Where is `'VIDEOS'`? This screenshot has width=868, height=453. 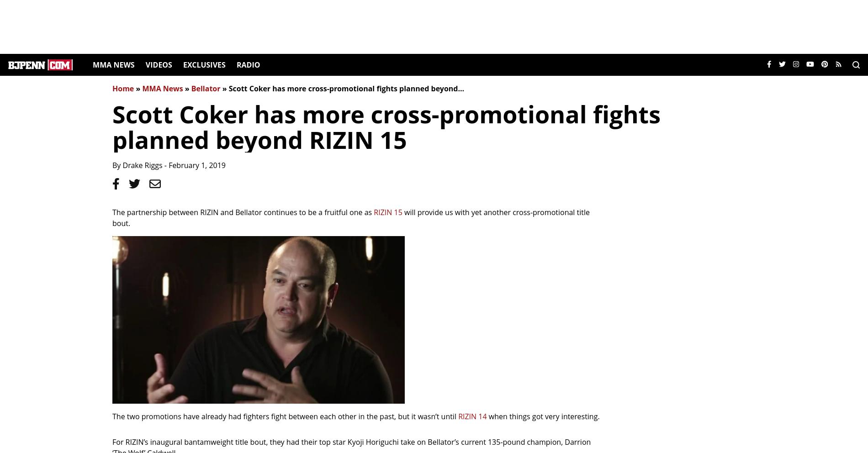 'VIDEOS' is located at coordinates (158, 64).